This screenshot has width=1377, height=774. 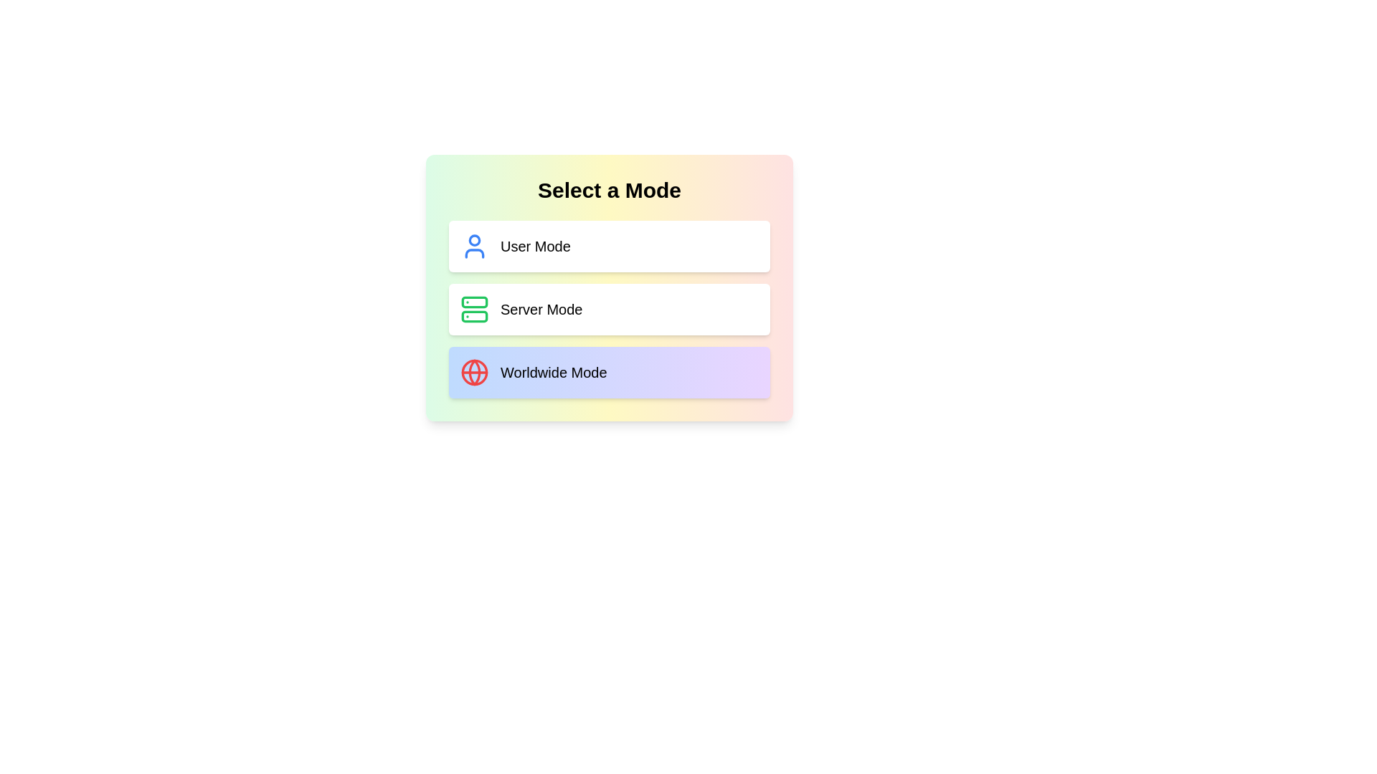 I want to click on bottom part of the user icon, specifically the shoulders or torso section, which is styled with a rounded rectangular boundary and blue accents, located in the topmost option labeled 'User Mode', so click(x=475, y=253).